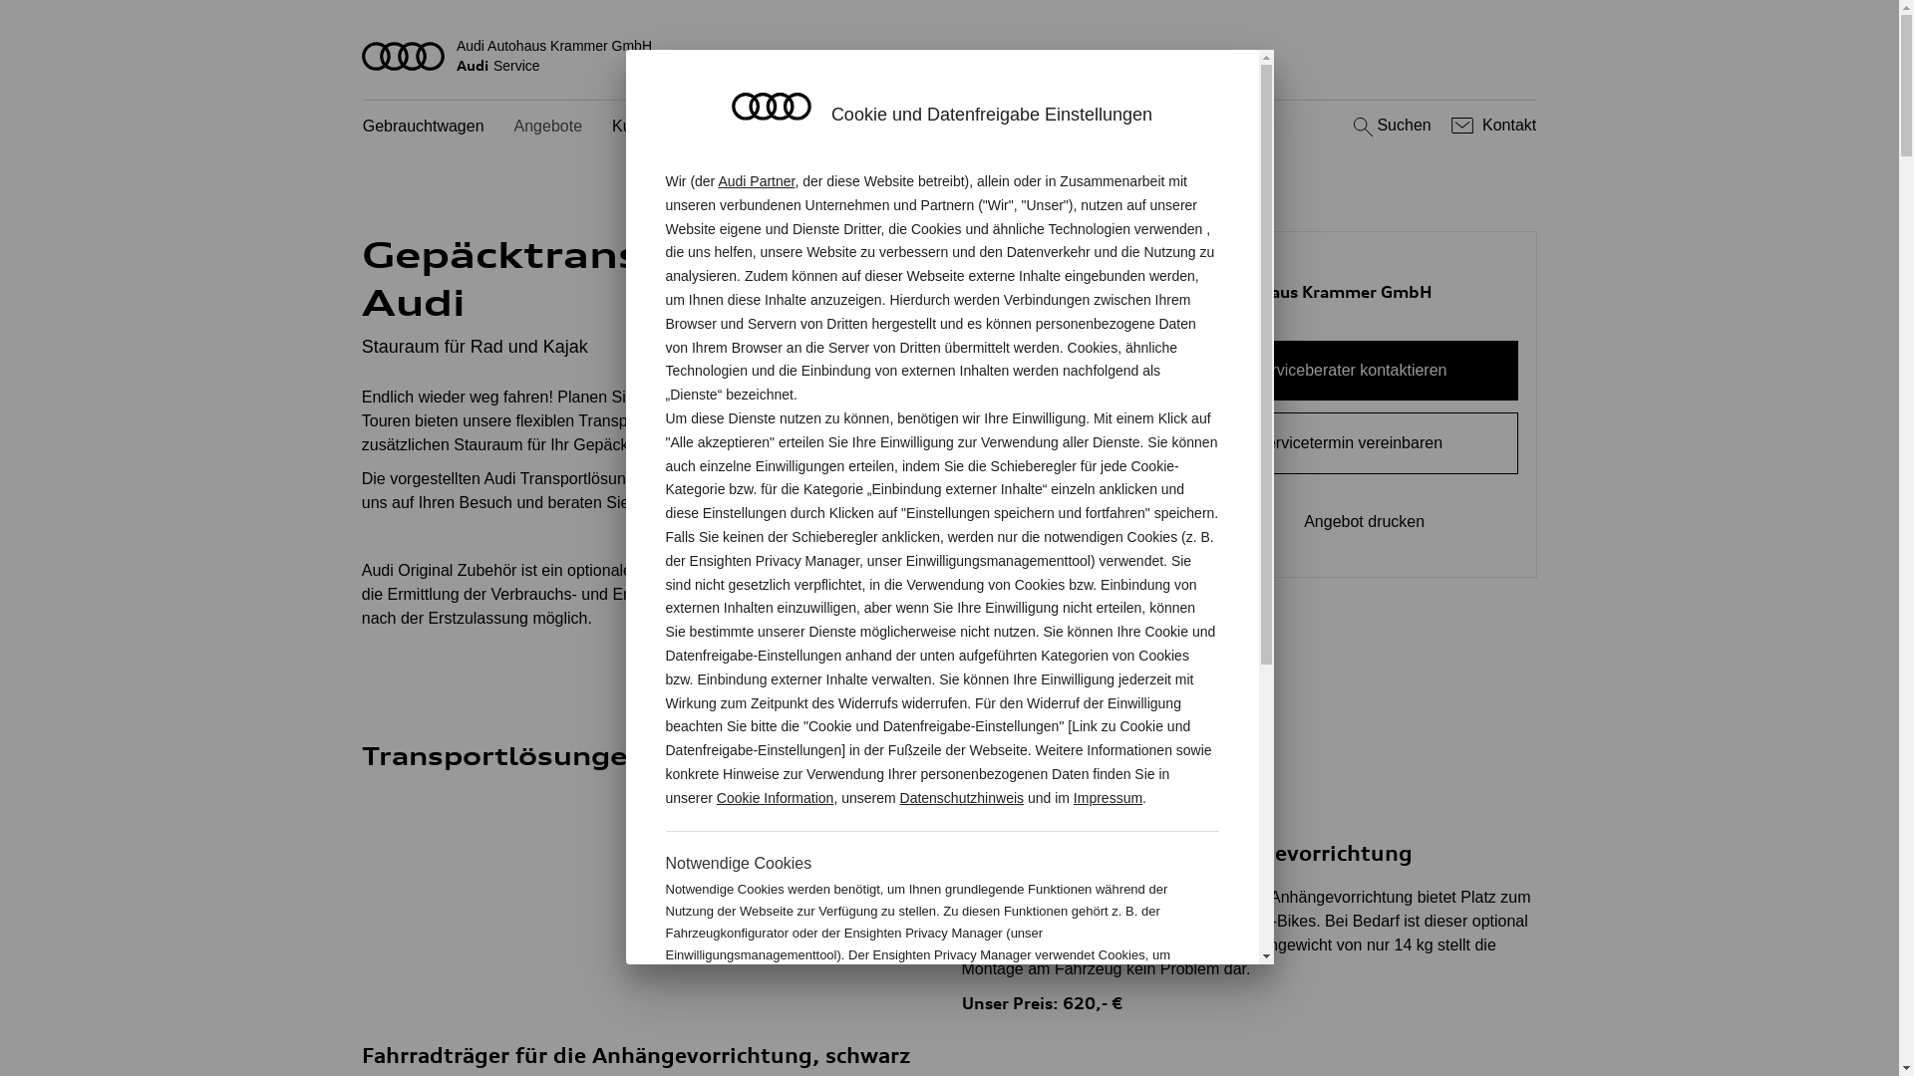 This screenshot has height=1076, width=1914. What do you see at coordinates (548, 127) in the screenshot?
I see `'Angebote'` at bounding box center [548, 127].